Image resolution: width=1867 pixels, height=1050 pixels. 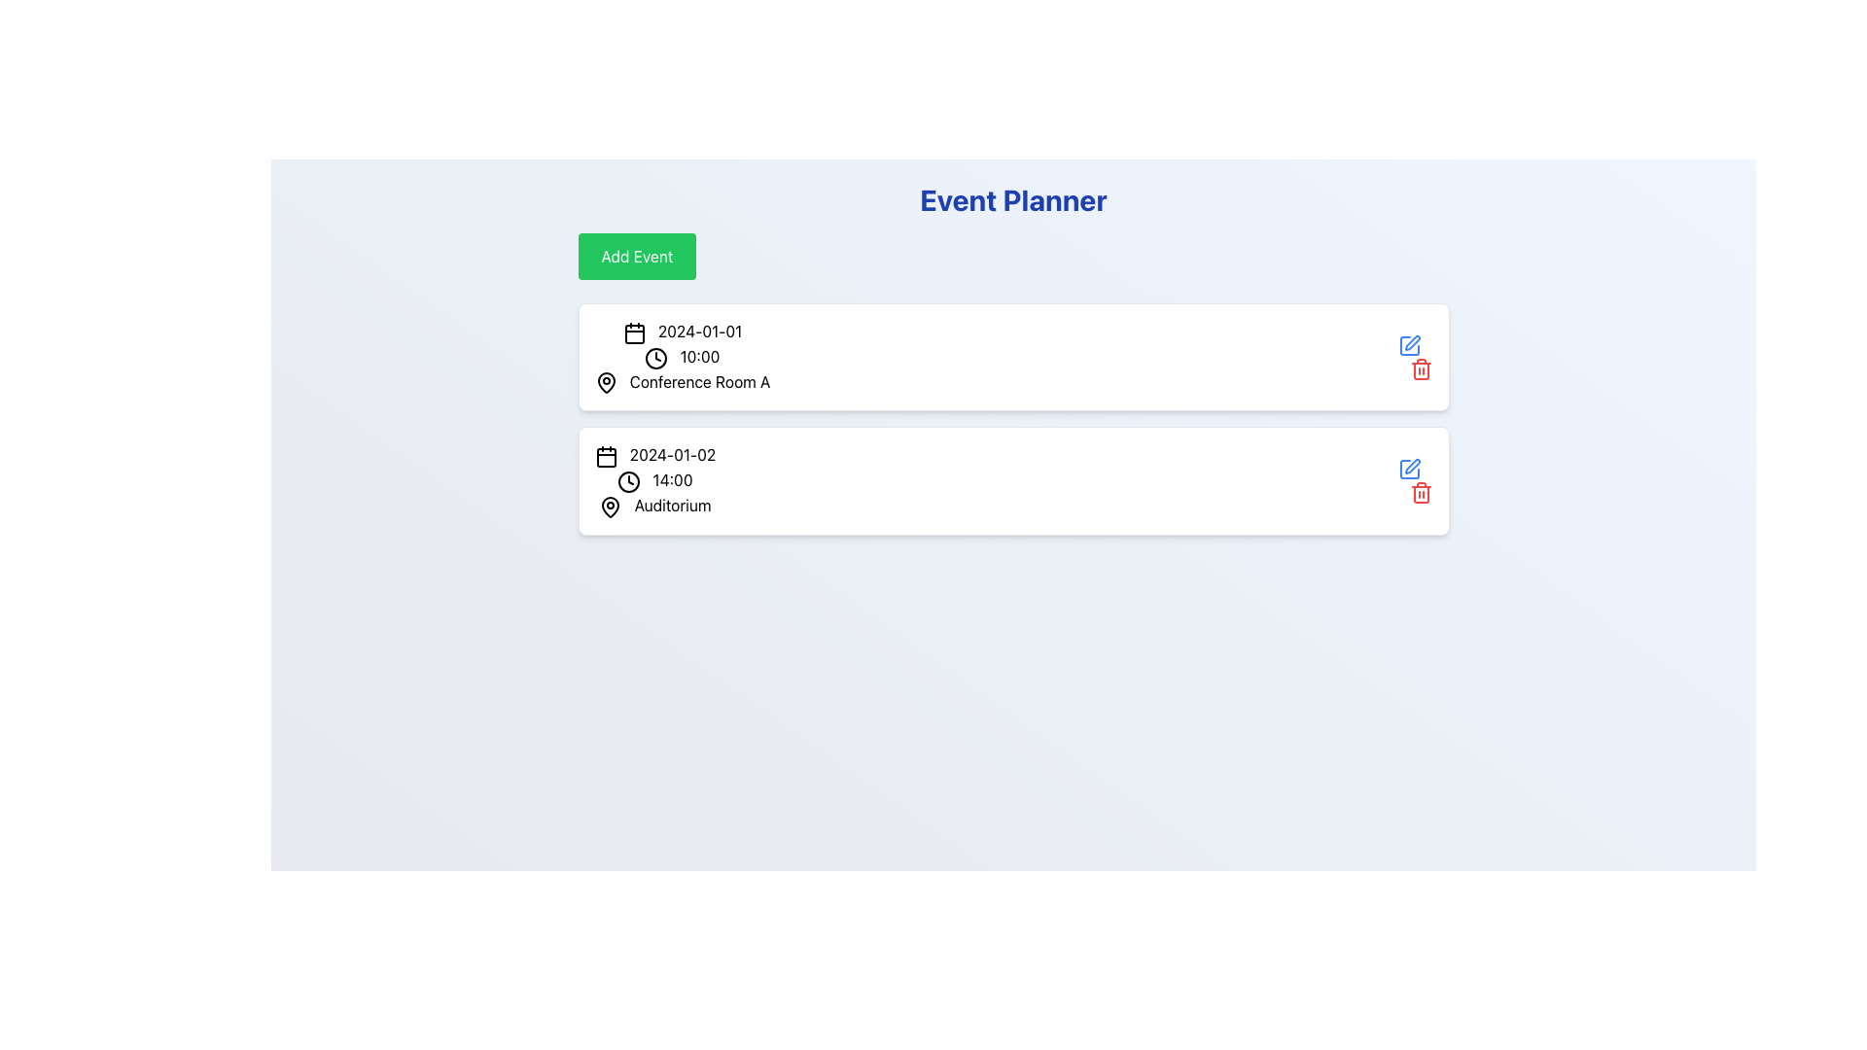 I want to click on the SVG-based clock icon located to the left of the text '10:00' in the top event block of the interface, so click(x=656, y=358).